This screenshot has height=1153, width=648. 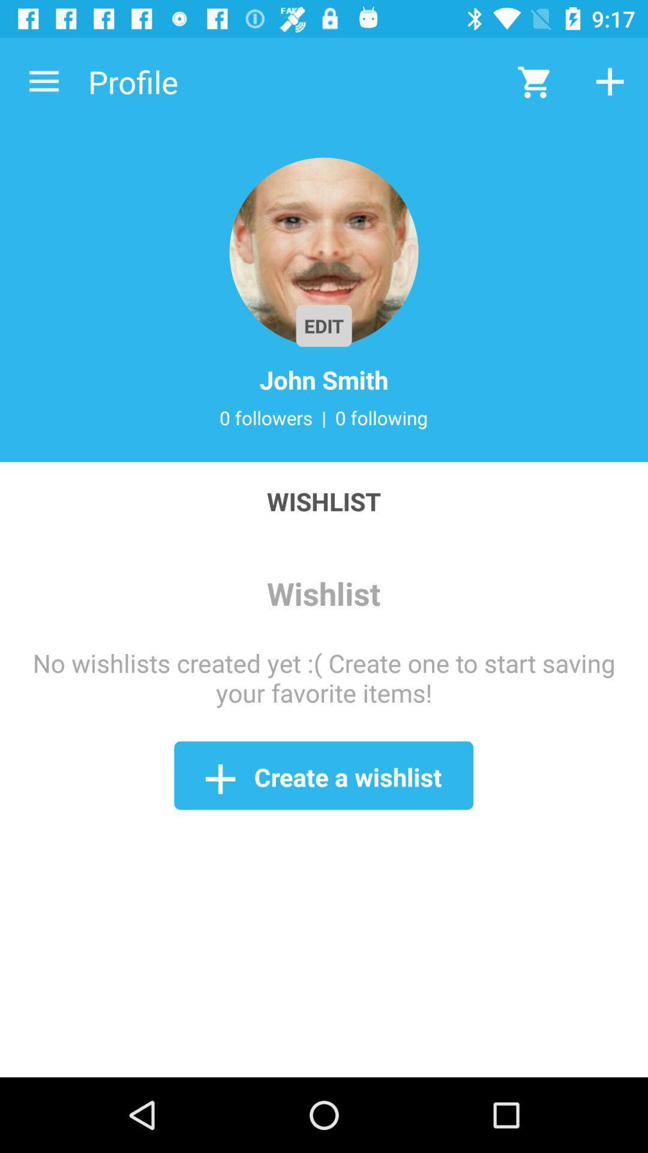 What do you see at coordinates (324, 325) in the screenshot?
I see `the edit item` at bounding box center [324, 325].